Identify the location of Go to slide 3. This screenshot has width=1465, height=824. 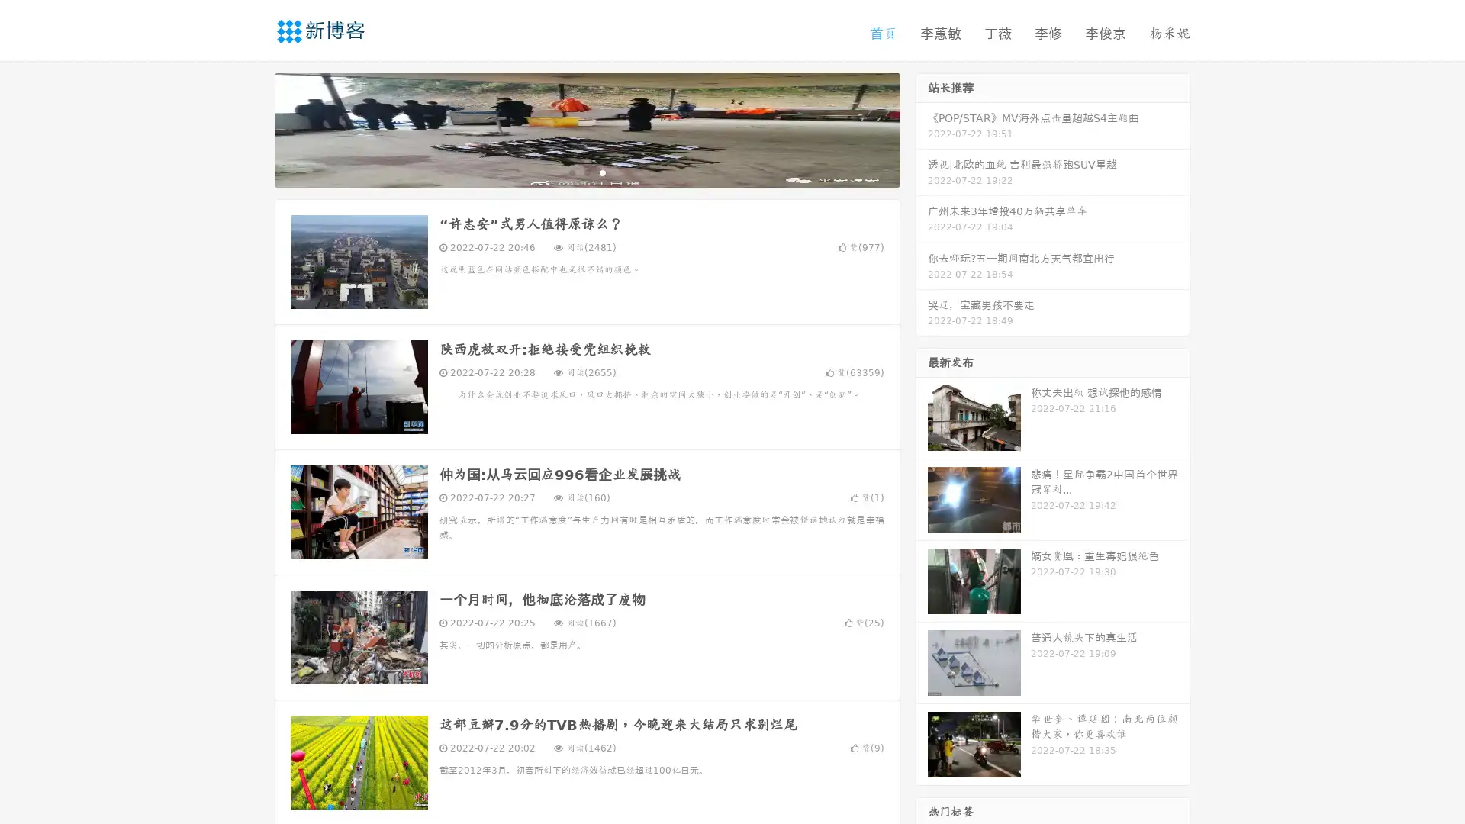
(602, 172).